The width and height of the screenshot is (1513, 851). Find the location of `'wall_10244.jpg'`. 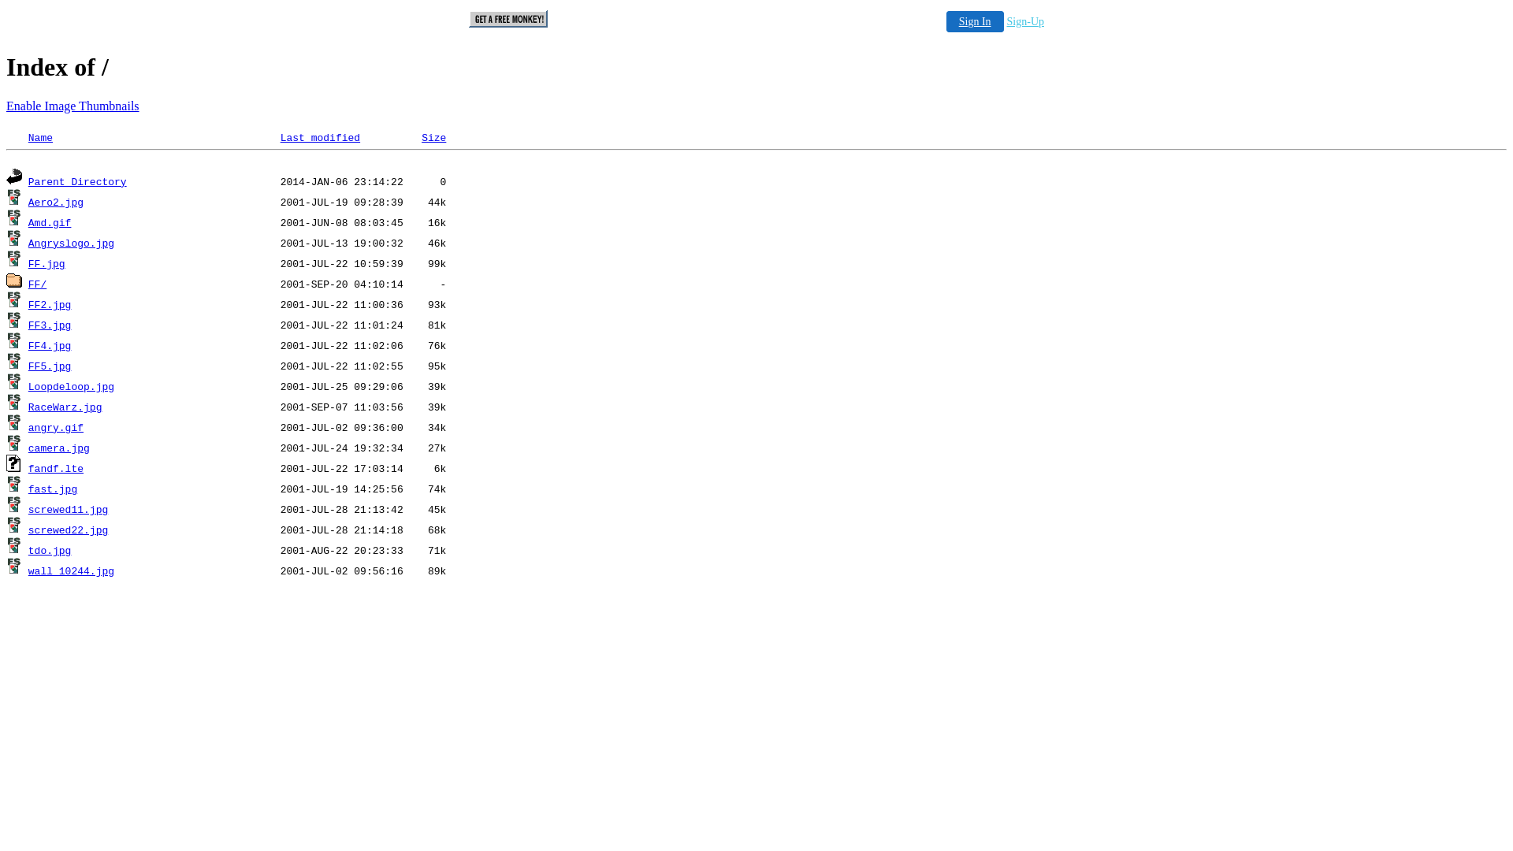

'wall_10244.jpg' is located at coordinates (70, 571).